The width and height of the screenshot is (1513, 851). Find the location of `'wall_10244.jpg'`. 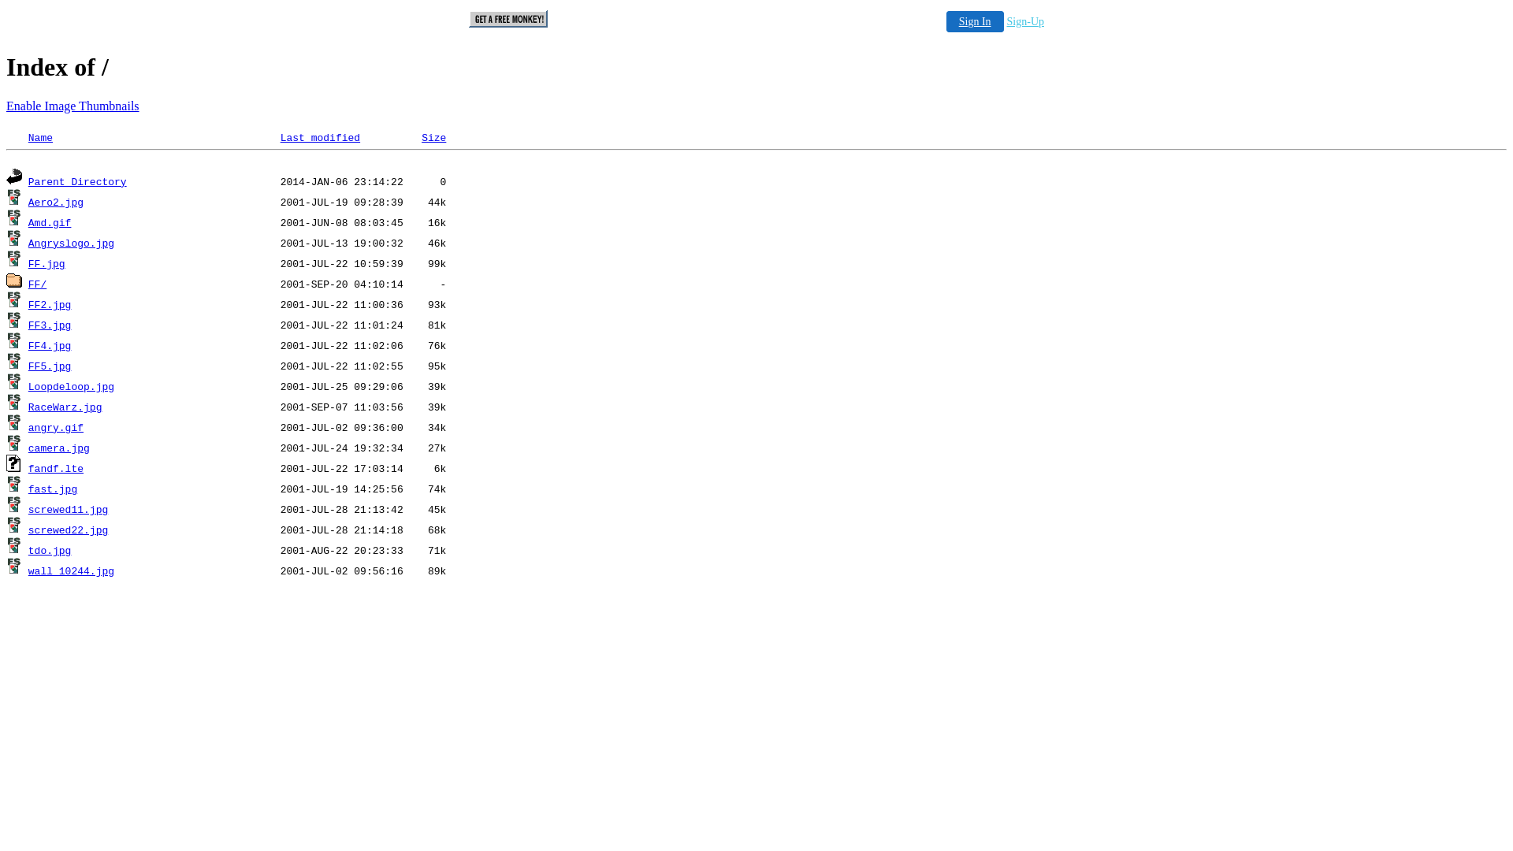

'wall_10244.jpg' is located at coordinates (70, 571).